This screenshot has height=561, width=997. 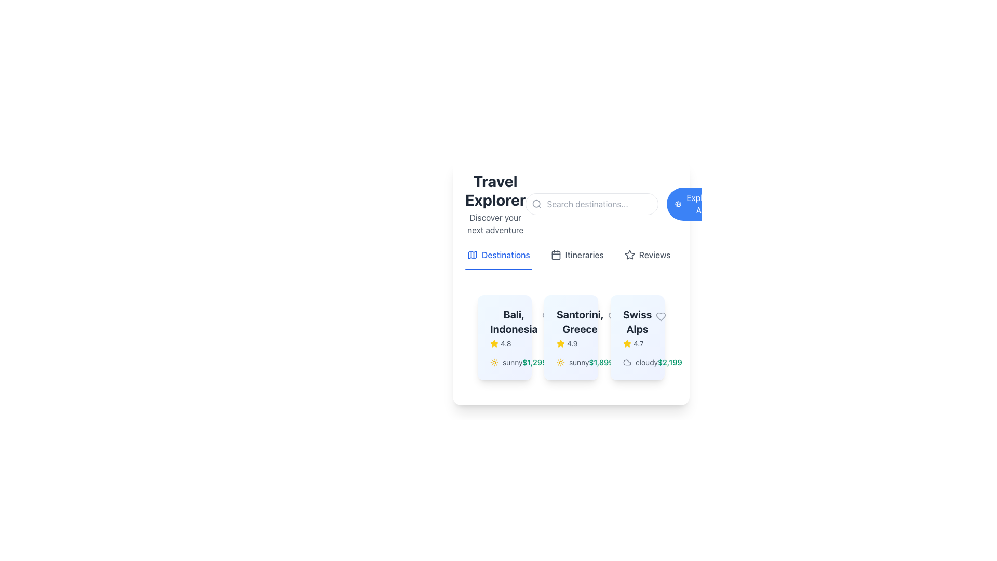 I want to click on the price information element located at the bottom-right corner of the 'Swiss Alps' travel destination card, which follows the 'cloudy' weather description, so click(x=670, y=362).